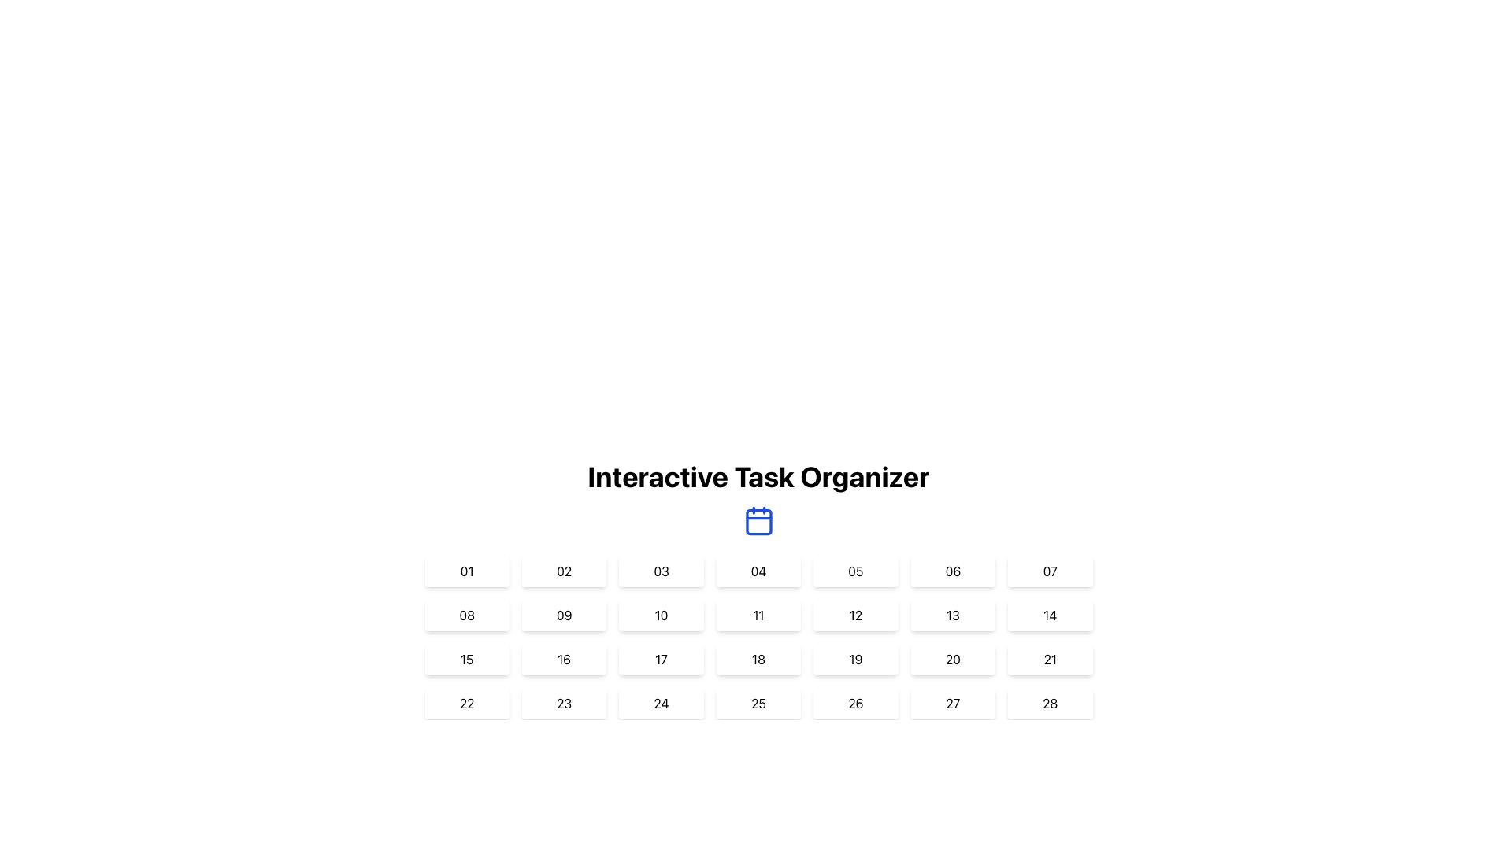 This screenshot has height=850, width=1512. Describe the element at coordinates (951, 571) in the screenshot. I see `the interactive button in the calendar interface located in the topmost row, sixth from the left` at that location.